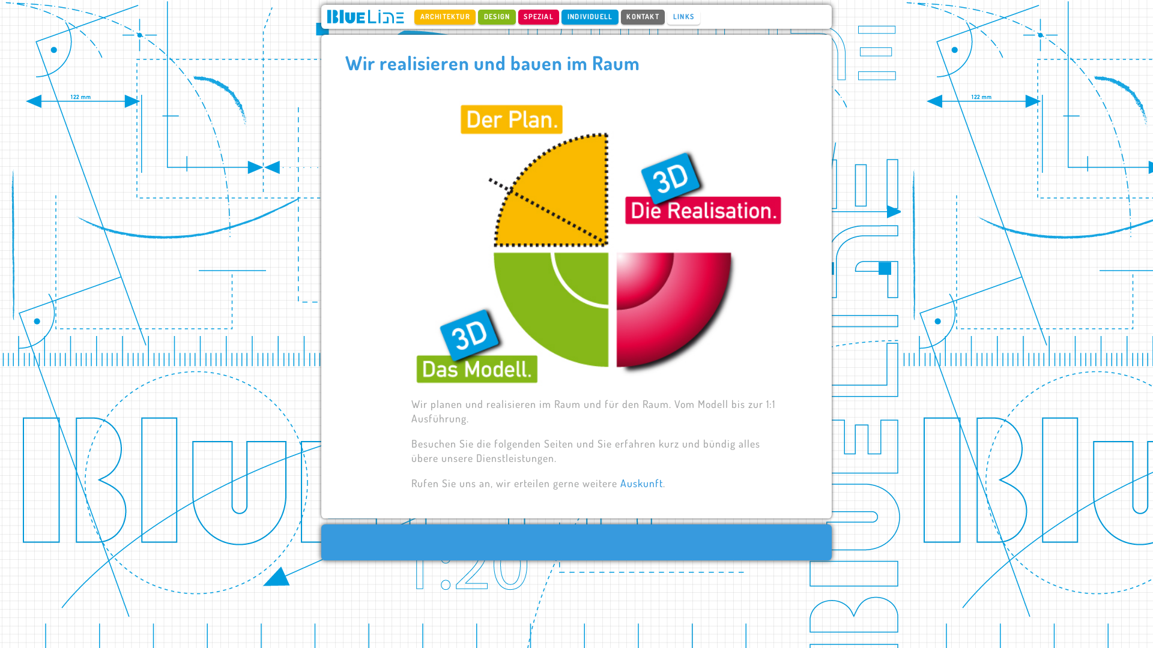 The image size is (1153, 648). I want to click on 'Auskunft', so click(641, 482).